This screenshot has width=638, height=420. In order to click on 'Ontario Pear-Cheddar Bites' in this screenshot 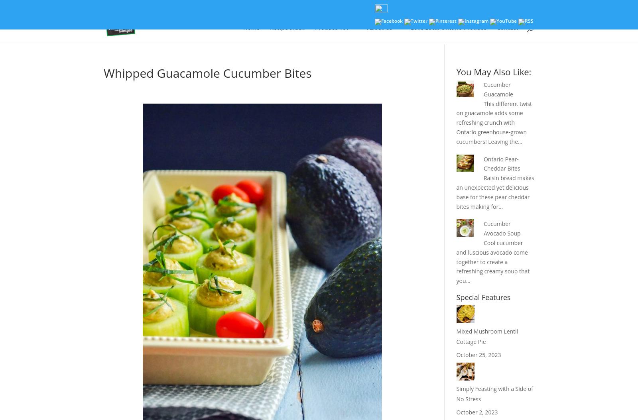, I will do `click(483, 163)`.